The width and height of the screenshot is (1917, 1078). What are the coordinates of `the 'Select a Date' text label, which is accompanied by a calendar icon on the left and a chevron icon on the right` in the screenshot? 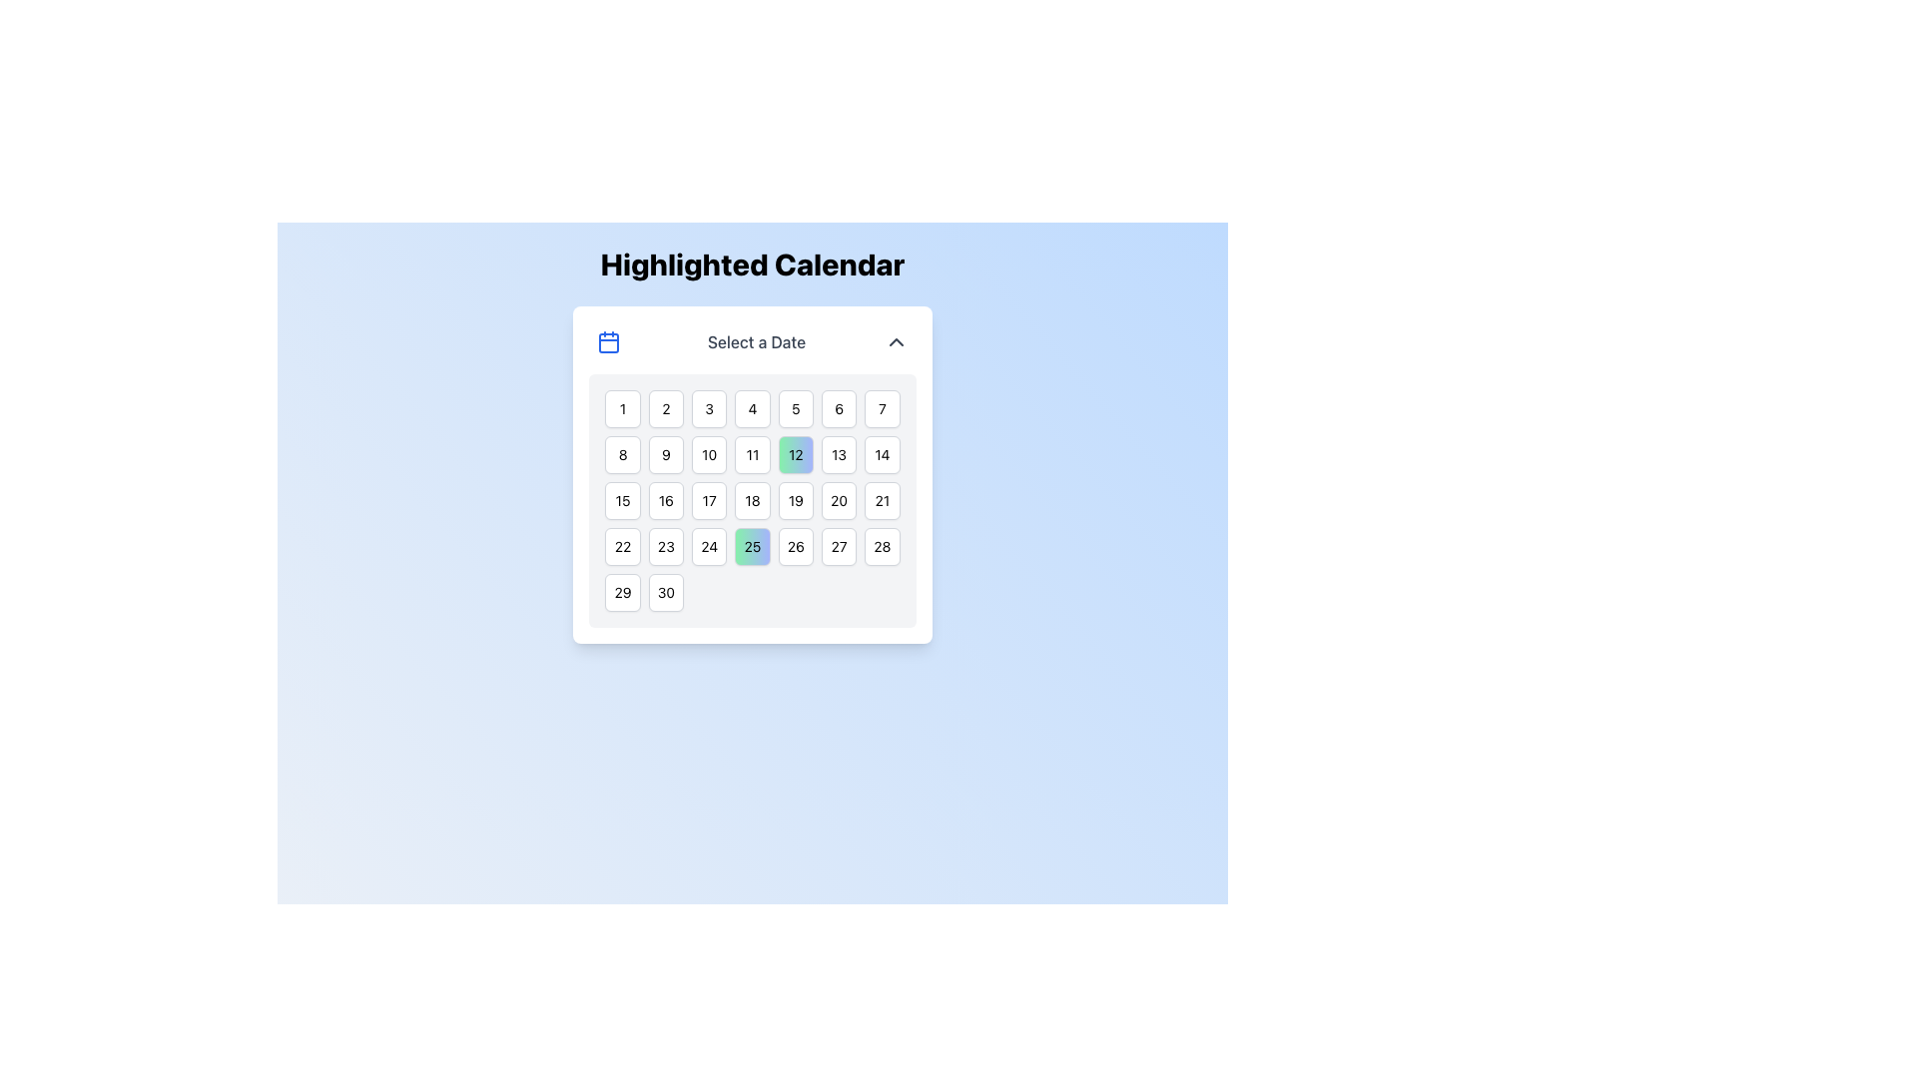 It's located at (751, 341).